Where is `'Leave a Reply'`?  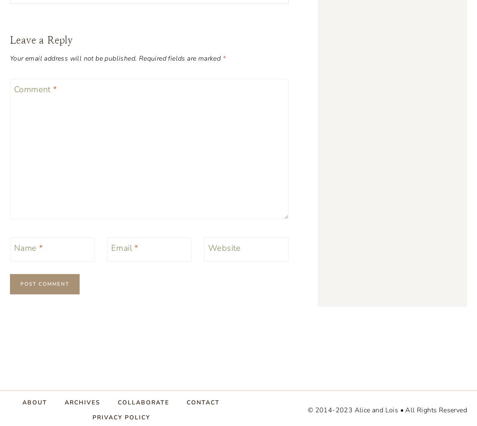 'Leave a Reply' is located at coordinates (41, 39).